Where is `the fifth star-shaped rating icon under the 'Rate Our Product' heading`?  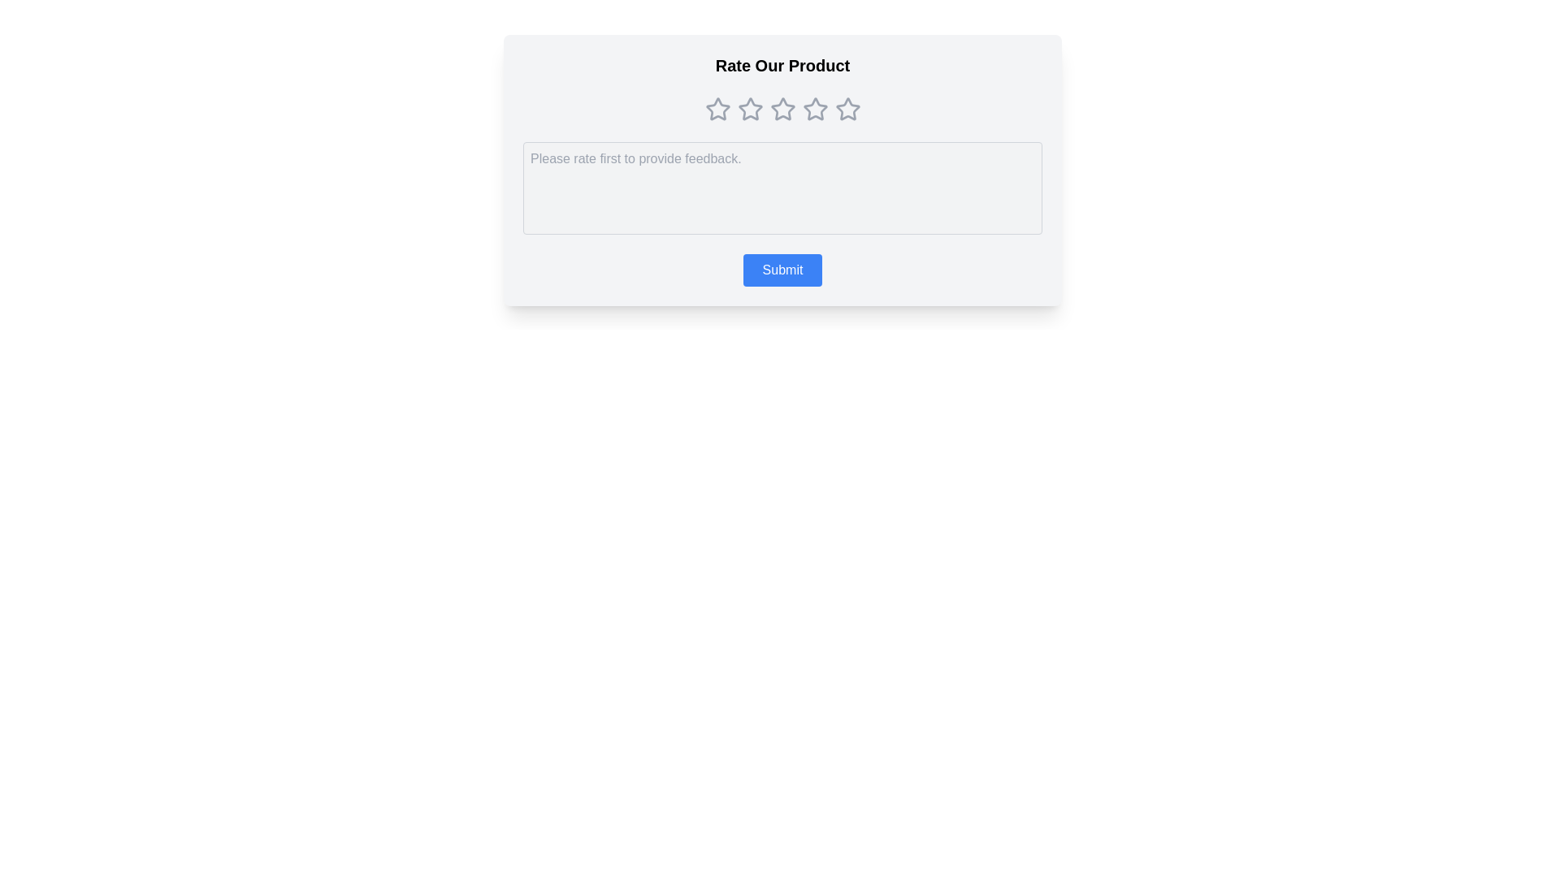 the fifth star-shaped rating icon under the 'Rate Our Product' heading is located at coordinates (847, 109).